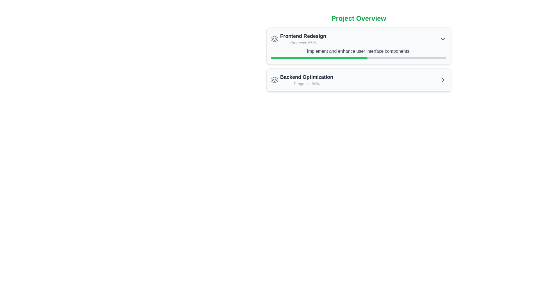 The image size is (539, 303). Describe the element at coordinates (358, 38) in the screenshot. I see `project name 'Frontend Redesign' and progress information 'Progress: 55%' from the composite UI component displaying the project details, identified by its position at the top of the project card` at that location.